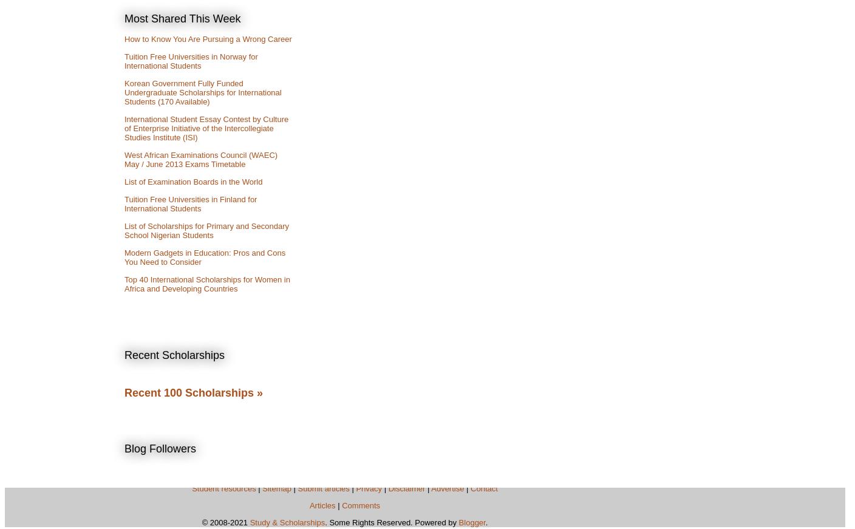 The width and height of the screenshot is (855, 529). What do you see at coordinates (124, 354) in the screenshot?
I see `'Recent Scholarships'` at bounding box center [124, 354].